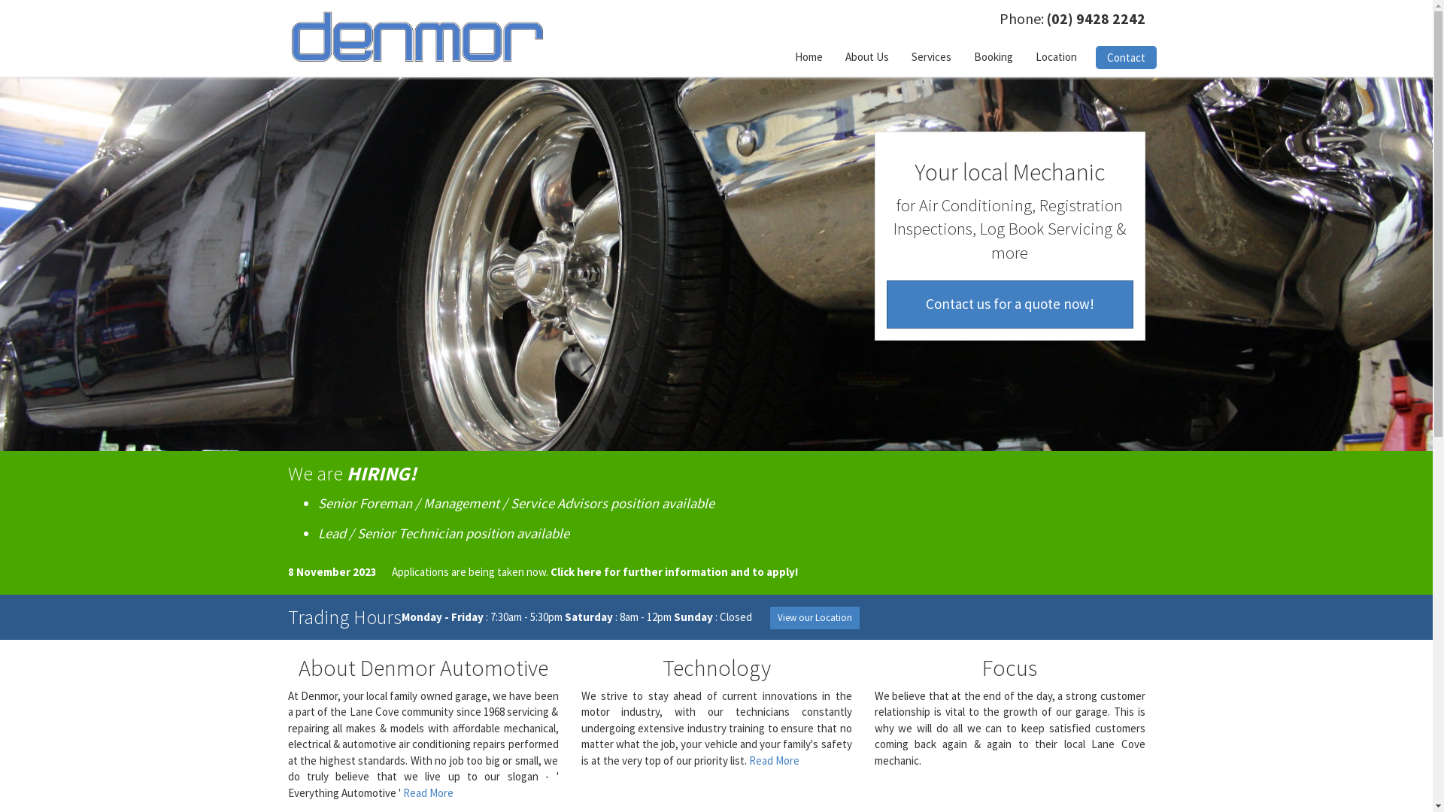 Image resolution: width=1444 pixels, height=812 pixels. What do you see at coordinates (813, 617) in the screenshot?
I see `'View our Location'` at bounding box center [813, 617].